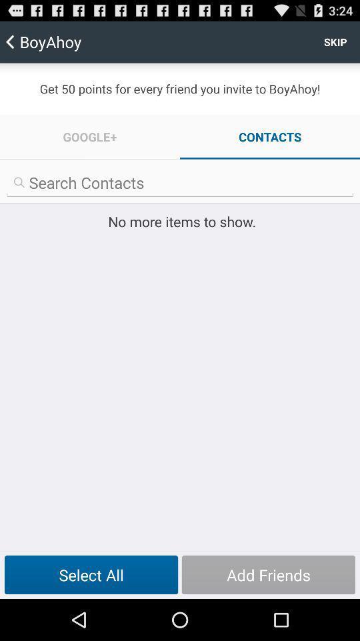  What do you see at coordinates (90, 137) in the screenshot?
I see `google+ icon` at bounding box center [90, 137].